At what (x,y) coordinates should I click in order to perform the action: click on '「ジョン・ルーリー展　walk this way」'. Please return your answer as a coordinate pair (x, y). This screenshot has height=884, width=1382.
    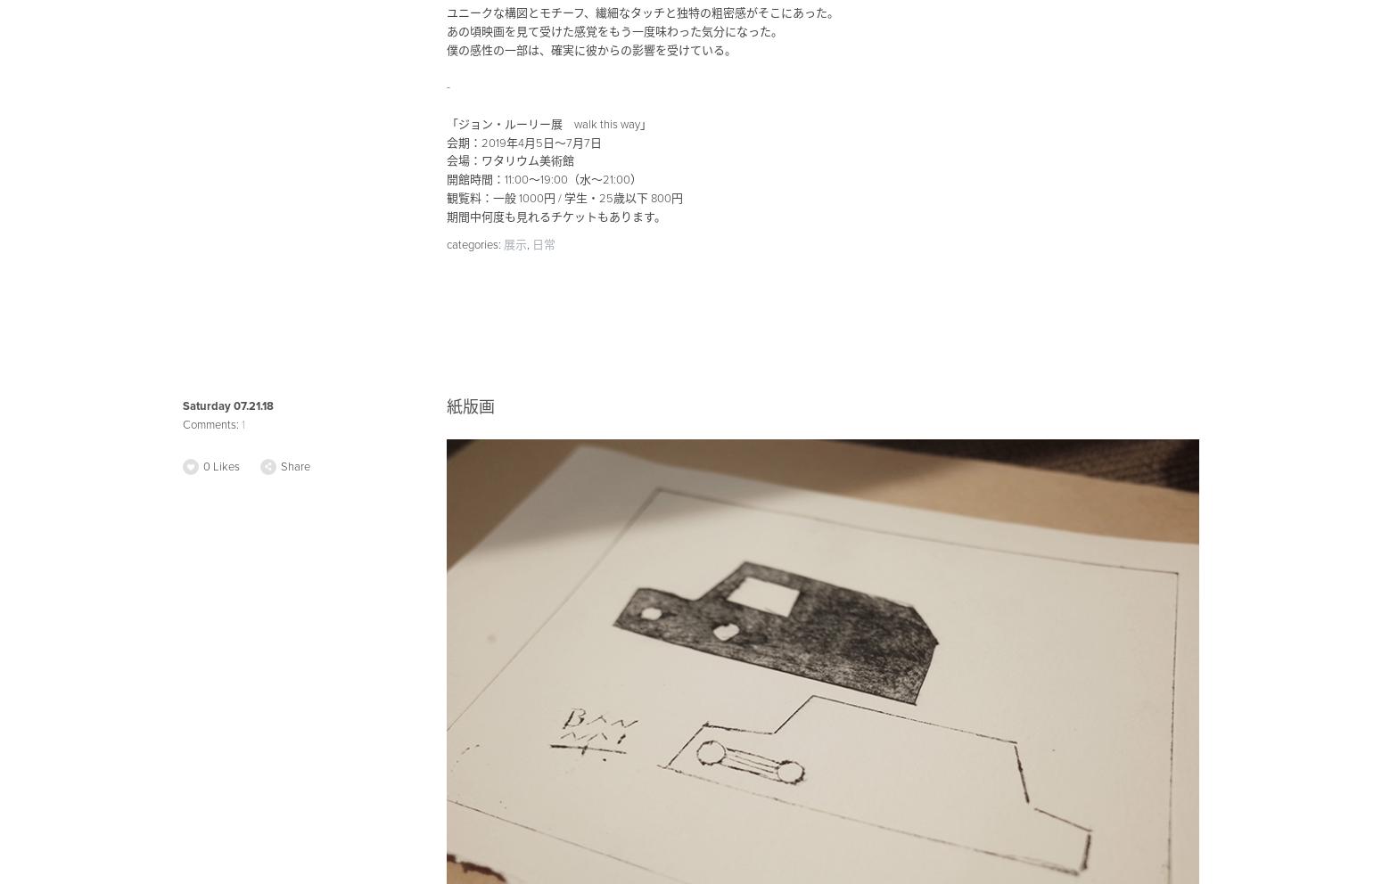
    Looking at the image, I should click on (445, 123).